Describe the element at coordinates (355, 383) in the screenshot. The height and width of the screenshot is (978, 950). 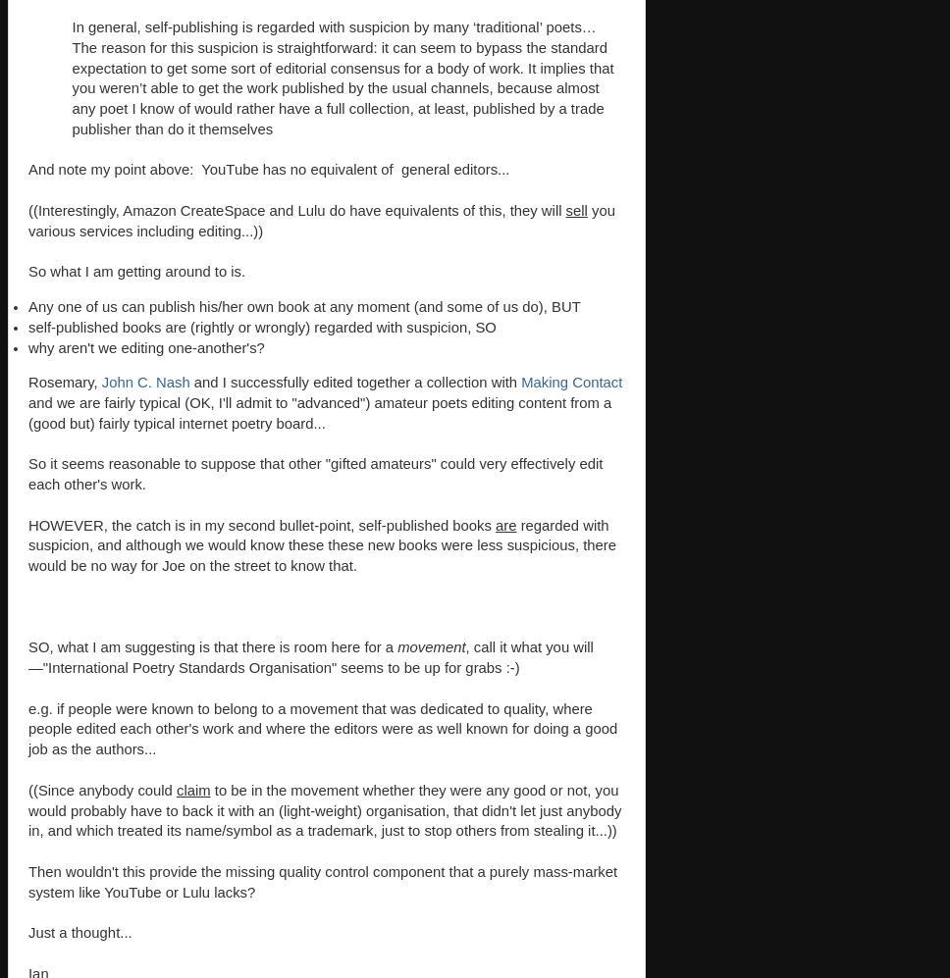
I see `'and I successfully edited together a collection with'` at that location.